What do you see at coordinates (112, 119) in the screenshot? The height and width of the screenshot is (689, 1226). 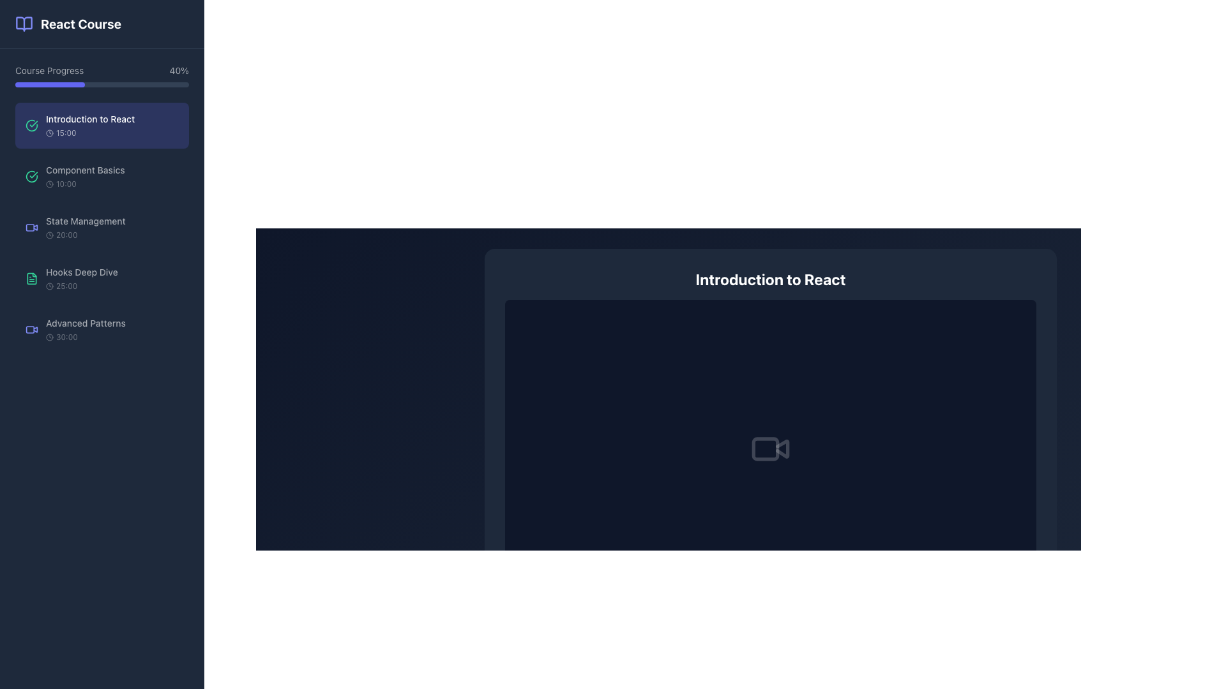 I see `text label displaying 'Introduction to React', which is the primary text label of the first course module in the left-hand sidebar, positioned below the 'Course Progress' bar` at bounding box center [112, 119].